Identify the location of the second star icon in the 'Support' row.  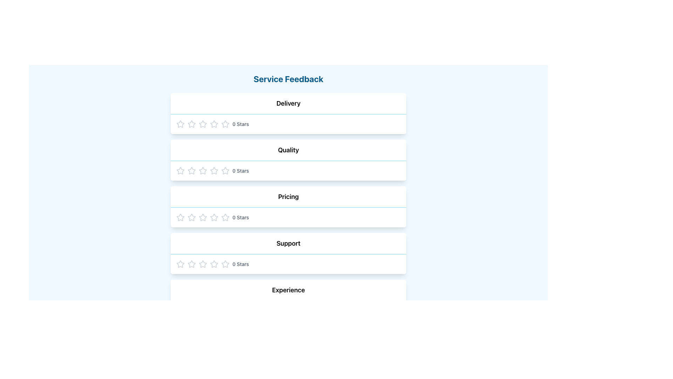
(213, 264).